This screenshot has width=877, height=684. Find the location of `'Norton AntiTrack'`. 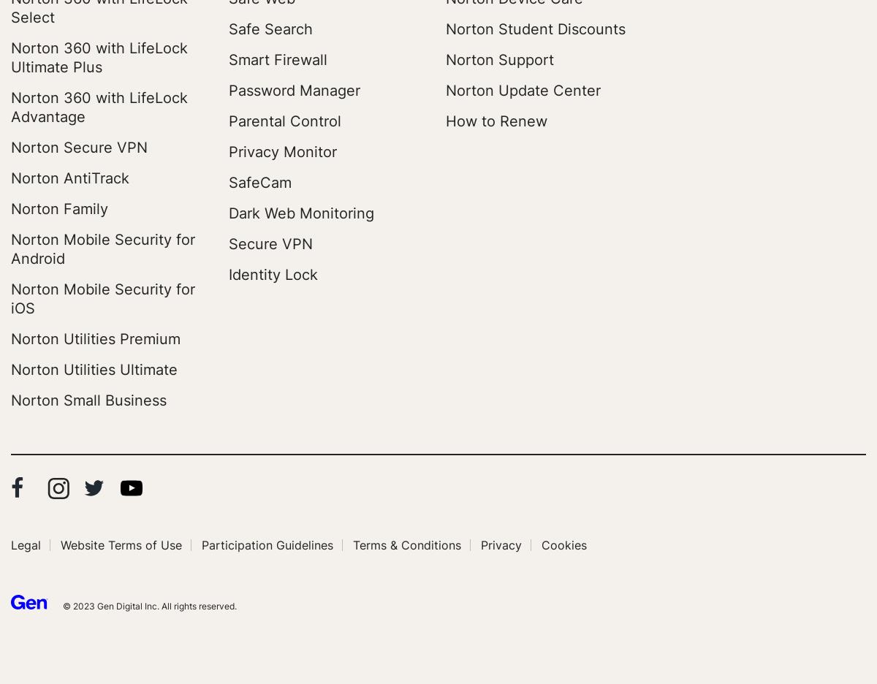

'Norton AntiTrack' is located at coordinates (70, 178).